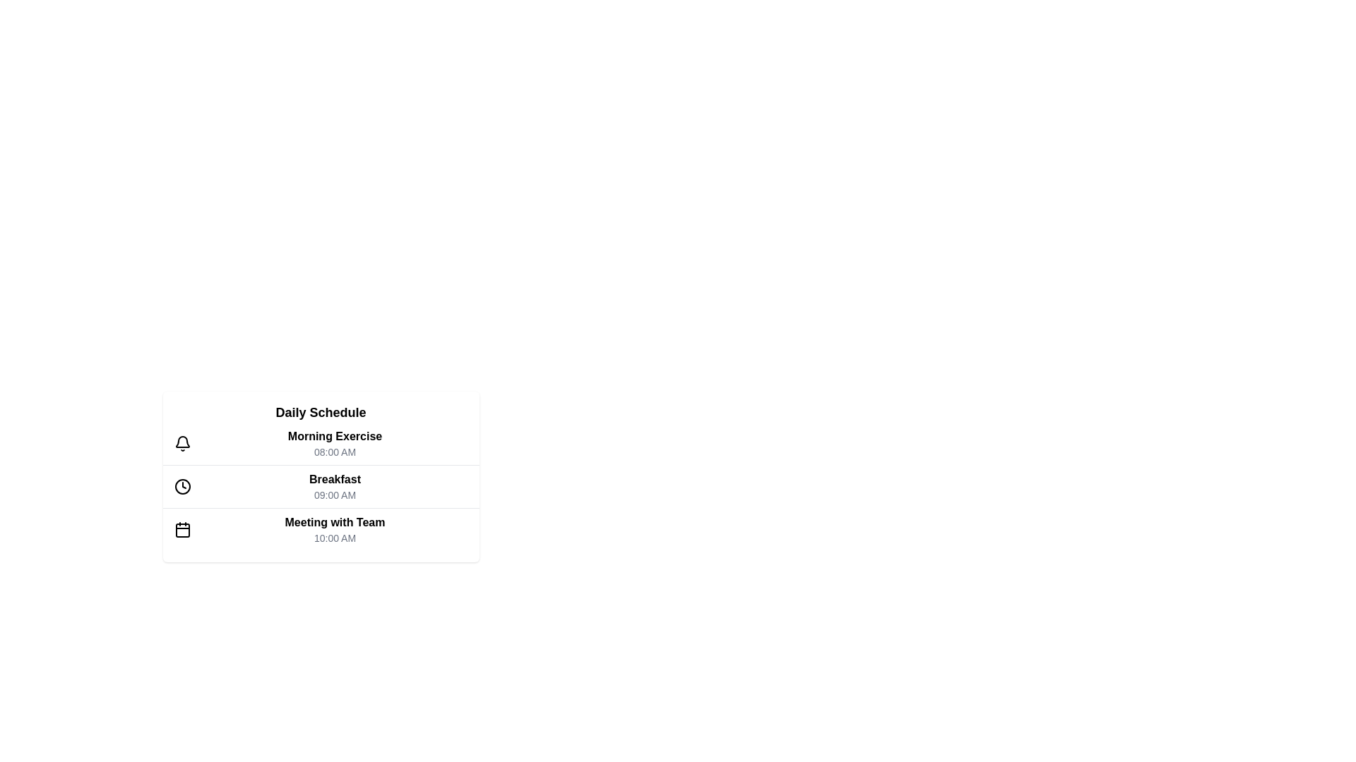  Describe the element at coordinates (320, 442) in the screenshot. I see `the list item containing the ringing bell icon and the title 'Morning Exercise'` at that location.